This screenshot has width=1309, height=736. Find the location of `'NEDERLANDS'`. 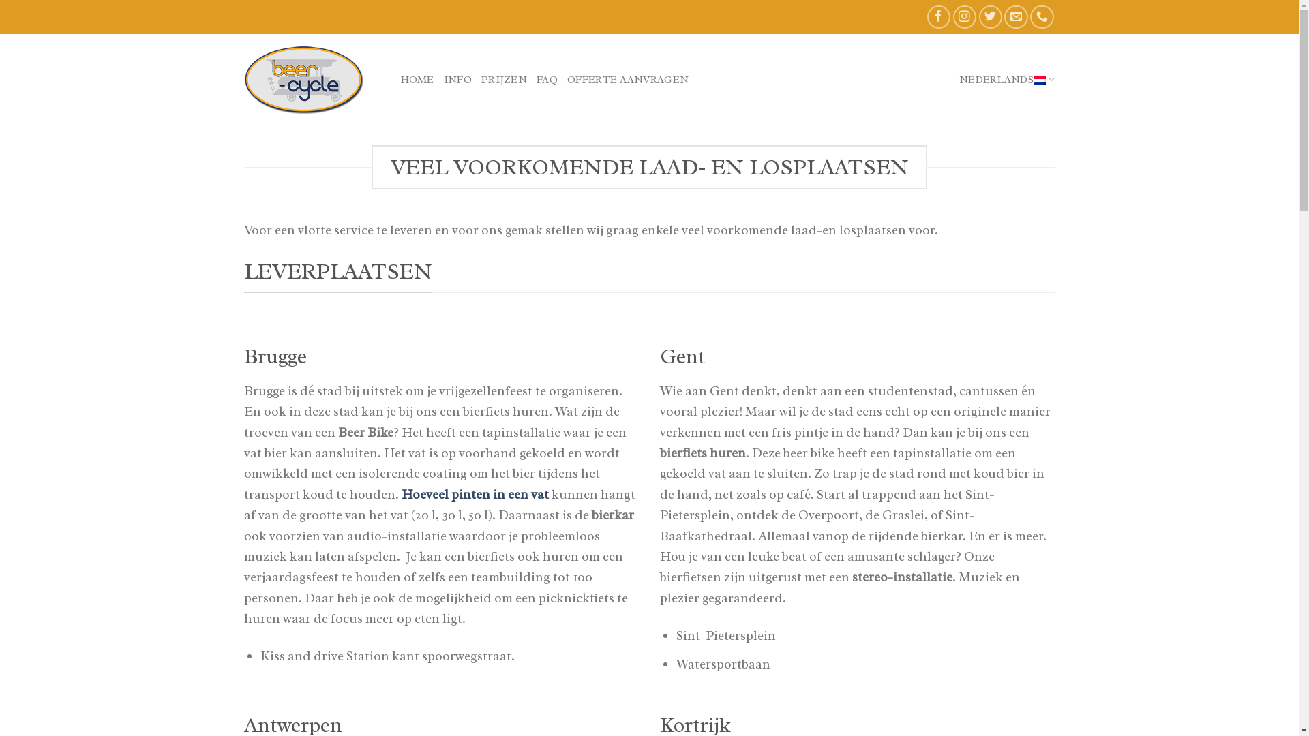

'NEDERLANDS' is located at coordinates (1007, 79).